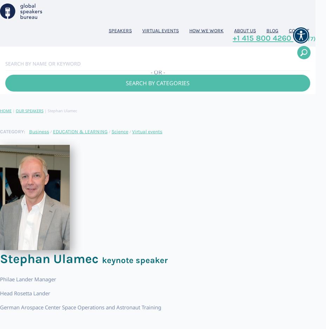  What do you see at coordinates (28, 278) in the screenshot?
I see `'Philae Lander Manager'` at bounding box center [28, 278].